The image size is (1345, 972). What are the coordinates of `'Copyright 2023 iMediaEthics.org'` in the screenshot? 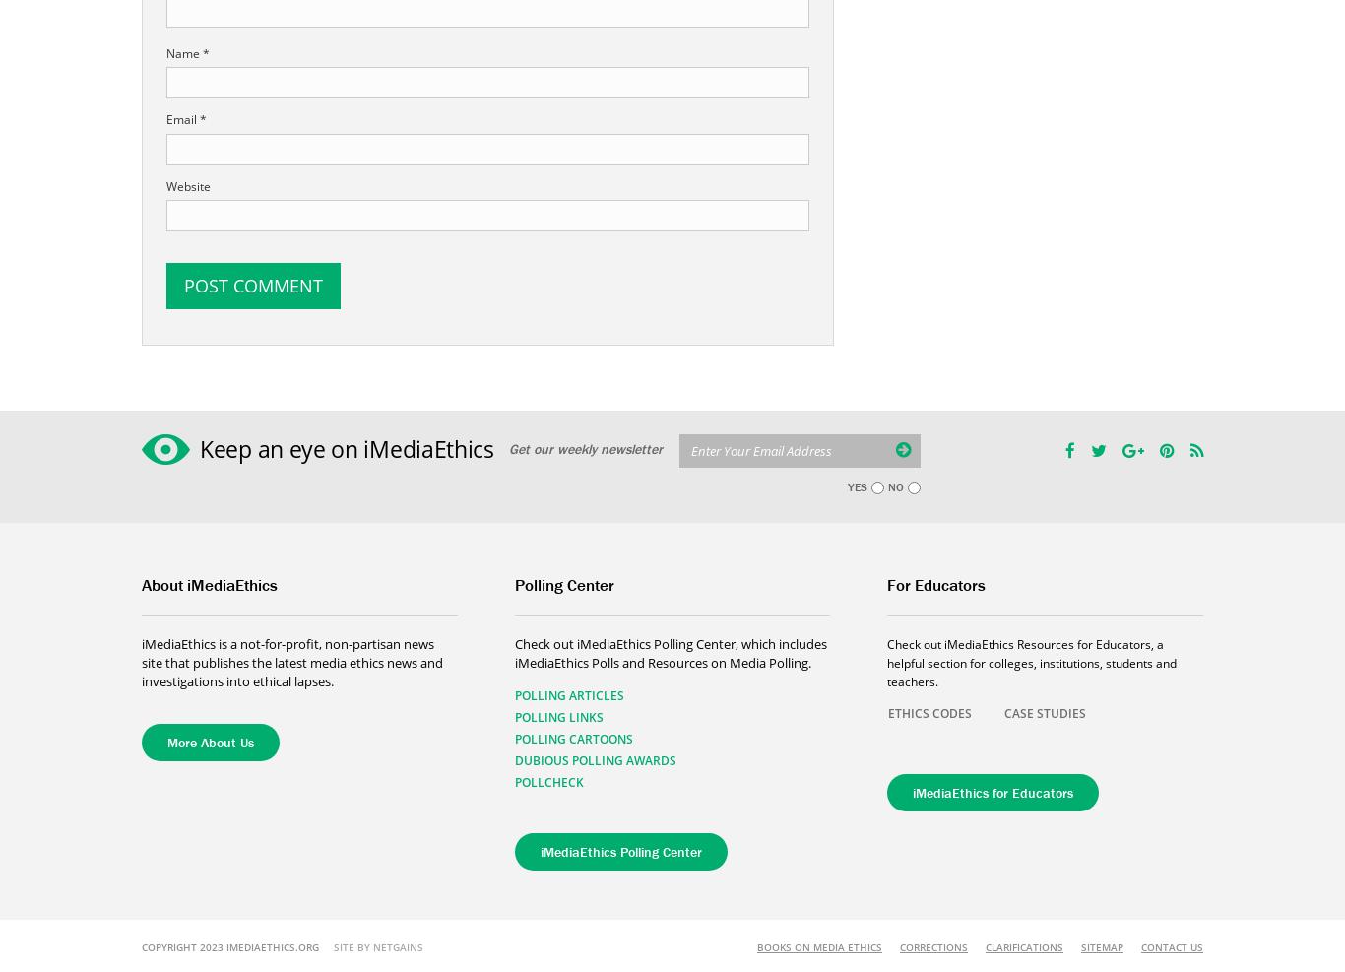 It's located at (237, 946).